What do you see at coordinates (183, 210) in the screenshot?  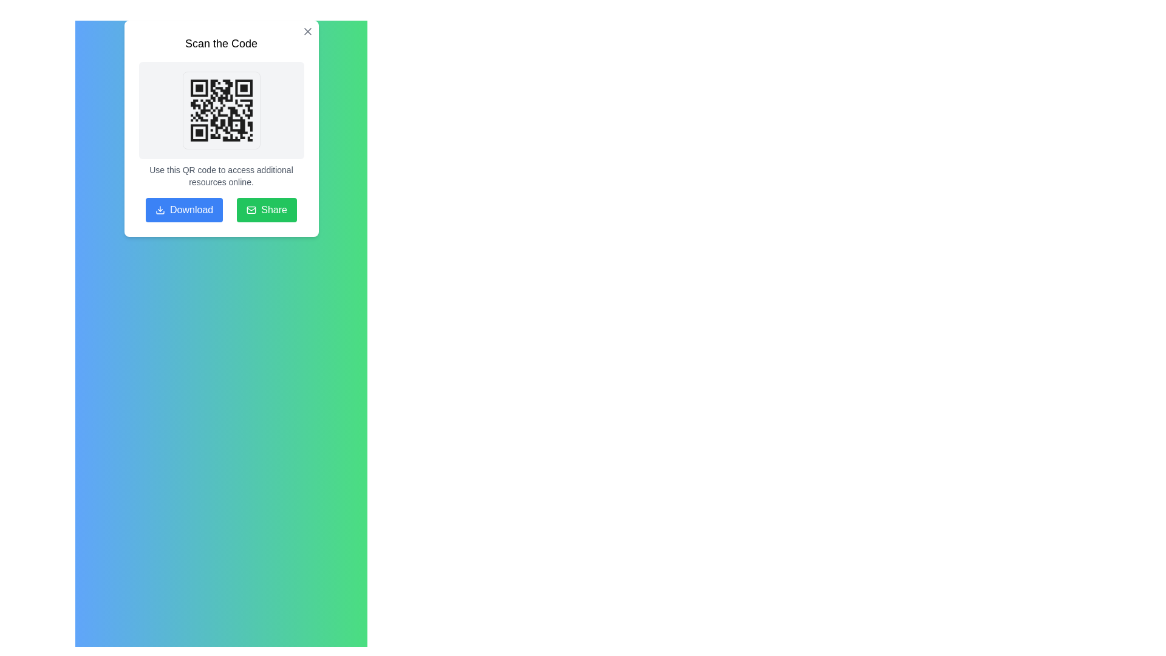 I see `the functional button located at the lower side of the modal window to initiate the file download` at bounding box center [183, 210].